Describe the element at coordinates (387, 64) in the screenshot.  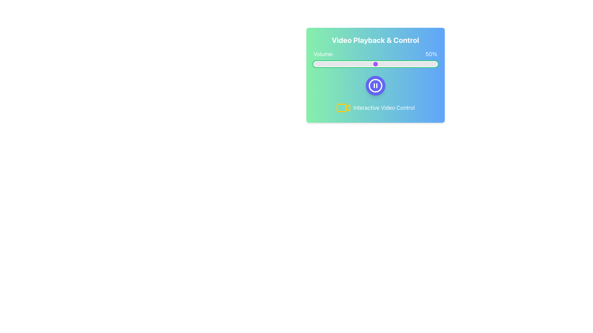
I see `the volume` at that location.